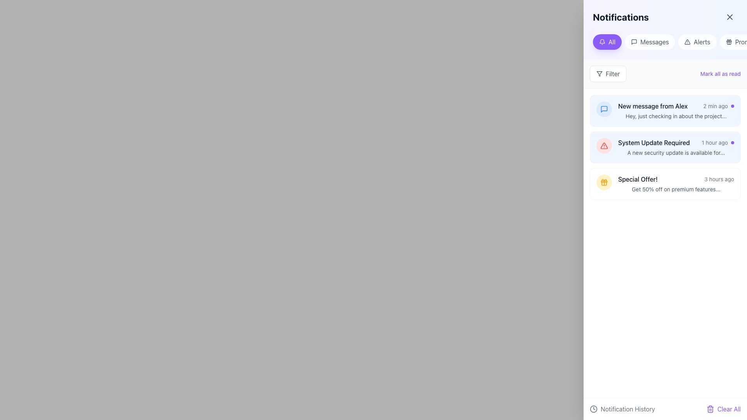 The width and height of the screenshot is (747, 420). I want to click on the filter icon located within the Filter button in the notifications panel, so click(599, 73).